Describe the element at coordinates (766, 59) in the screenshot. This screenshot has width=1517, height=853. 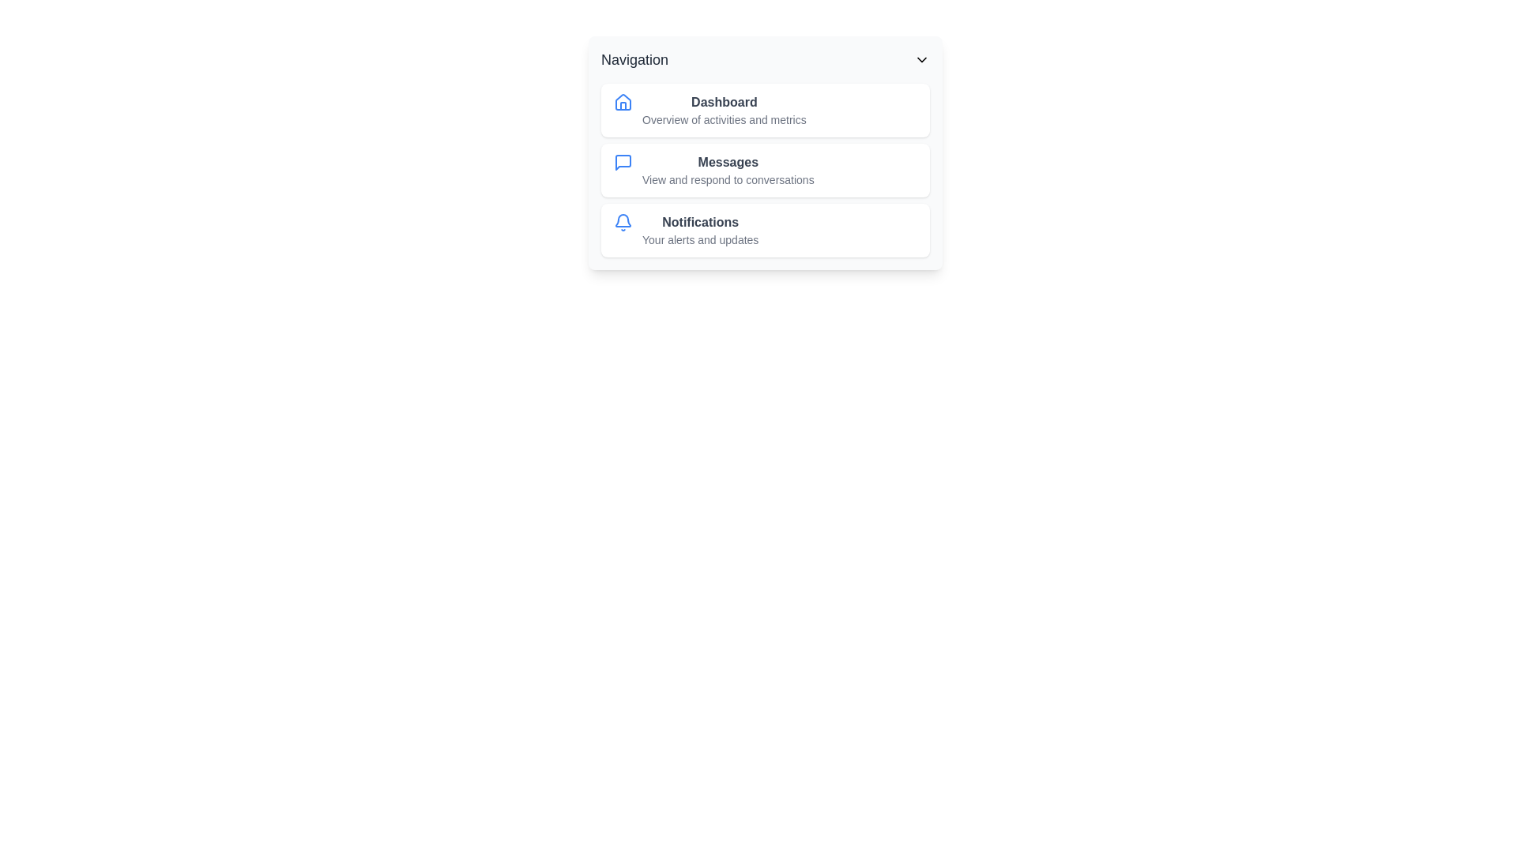
I see `the header section of the navigation list to toggle its visibility` at that location.